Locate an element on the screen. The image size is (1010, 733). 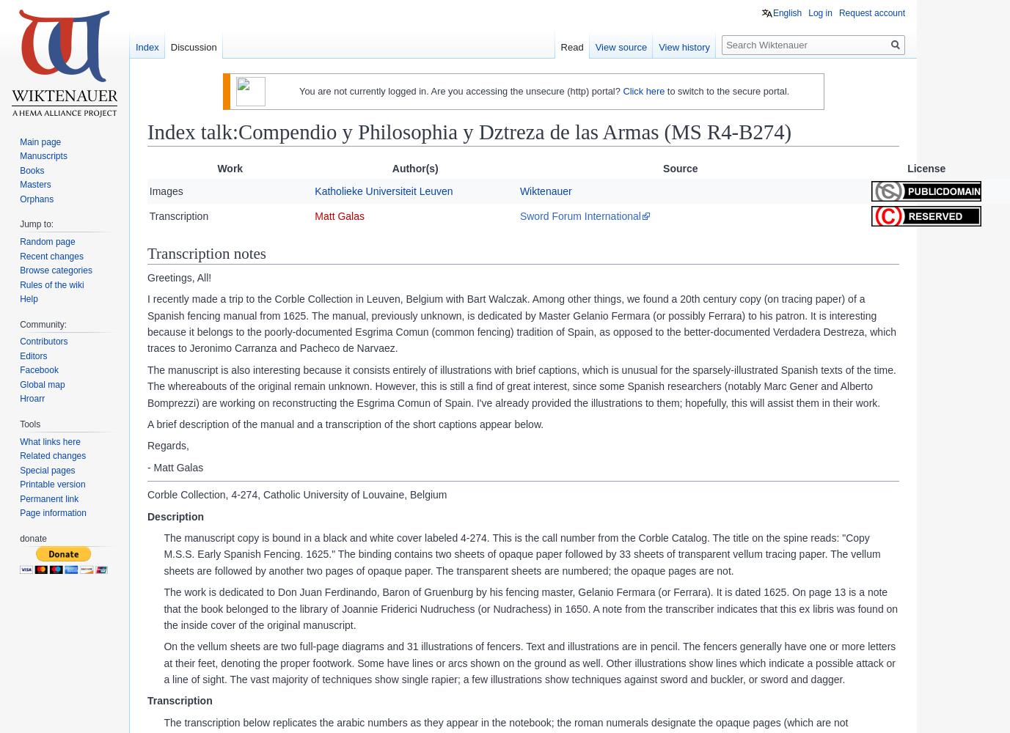
'Source' is located at coordinates (679, 168).